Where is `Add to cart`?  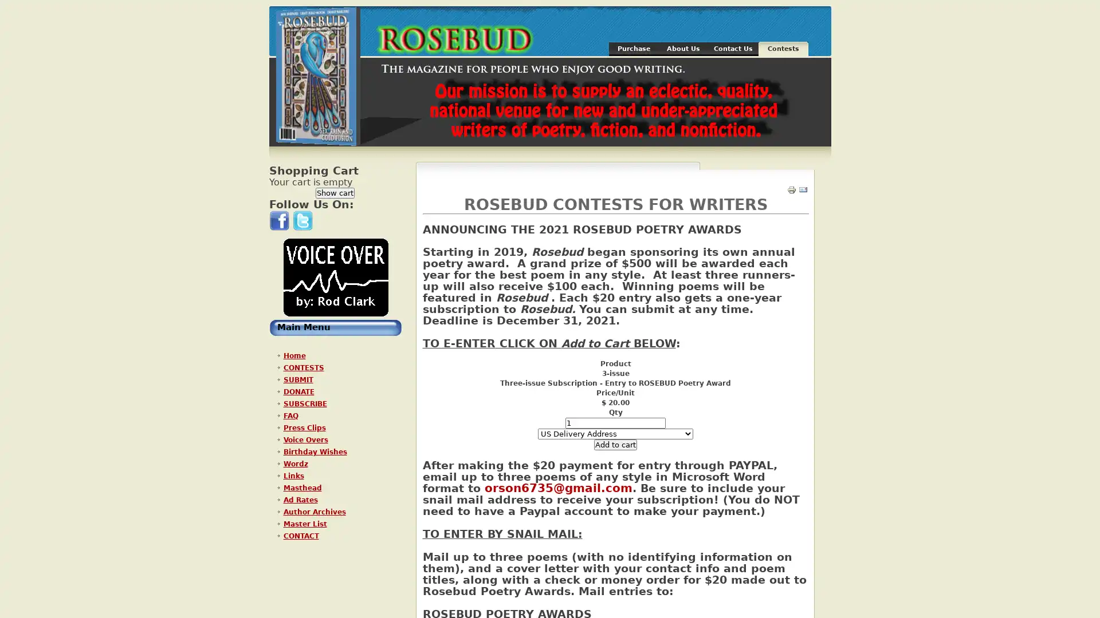
Add to cart is located at coordinates (615, 444).